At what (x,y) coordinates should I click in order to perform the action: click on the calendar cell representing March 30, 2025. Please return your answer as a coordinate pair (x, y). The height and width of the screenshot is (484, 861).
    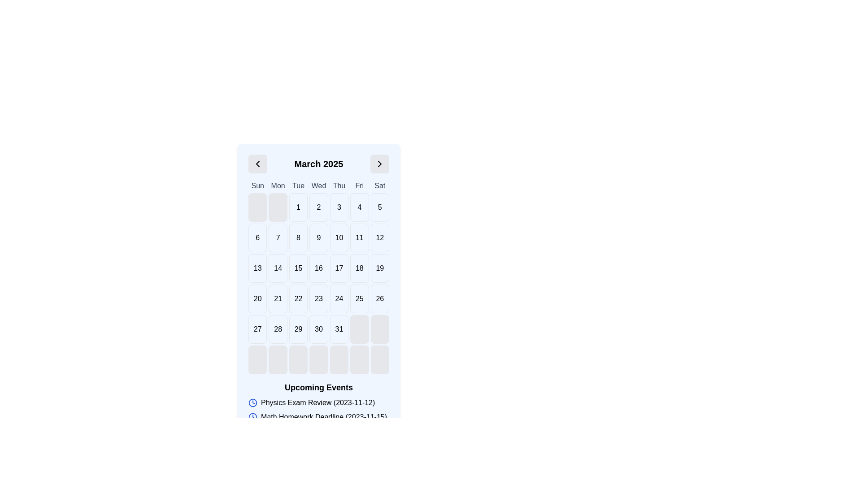
    Looking at the image, I should click on (318, 329).